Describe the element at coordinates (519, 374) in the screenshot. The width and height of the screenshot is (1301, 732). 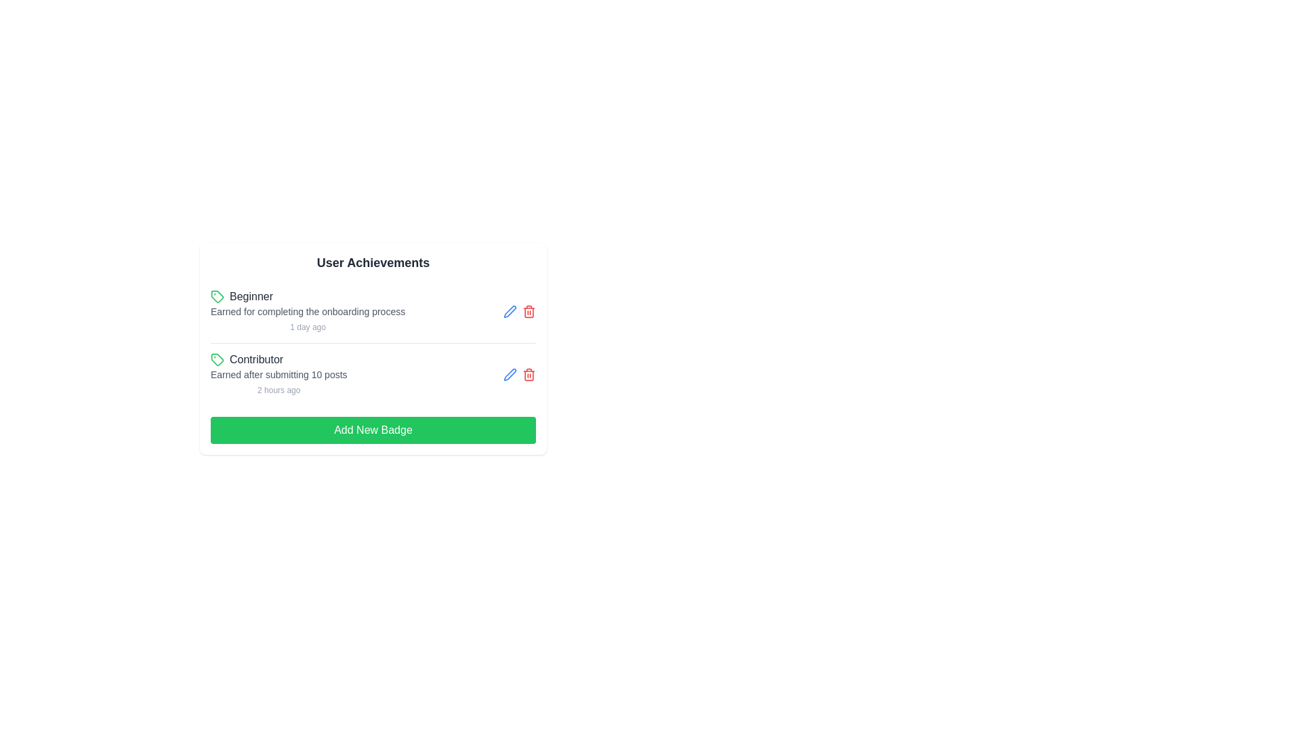
I see `the edit icon located in the bottom-right area of the 'Contributor' badge section, adjacent to the timestamp '2 hours ago'` at that location.